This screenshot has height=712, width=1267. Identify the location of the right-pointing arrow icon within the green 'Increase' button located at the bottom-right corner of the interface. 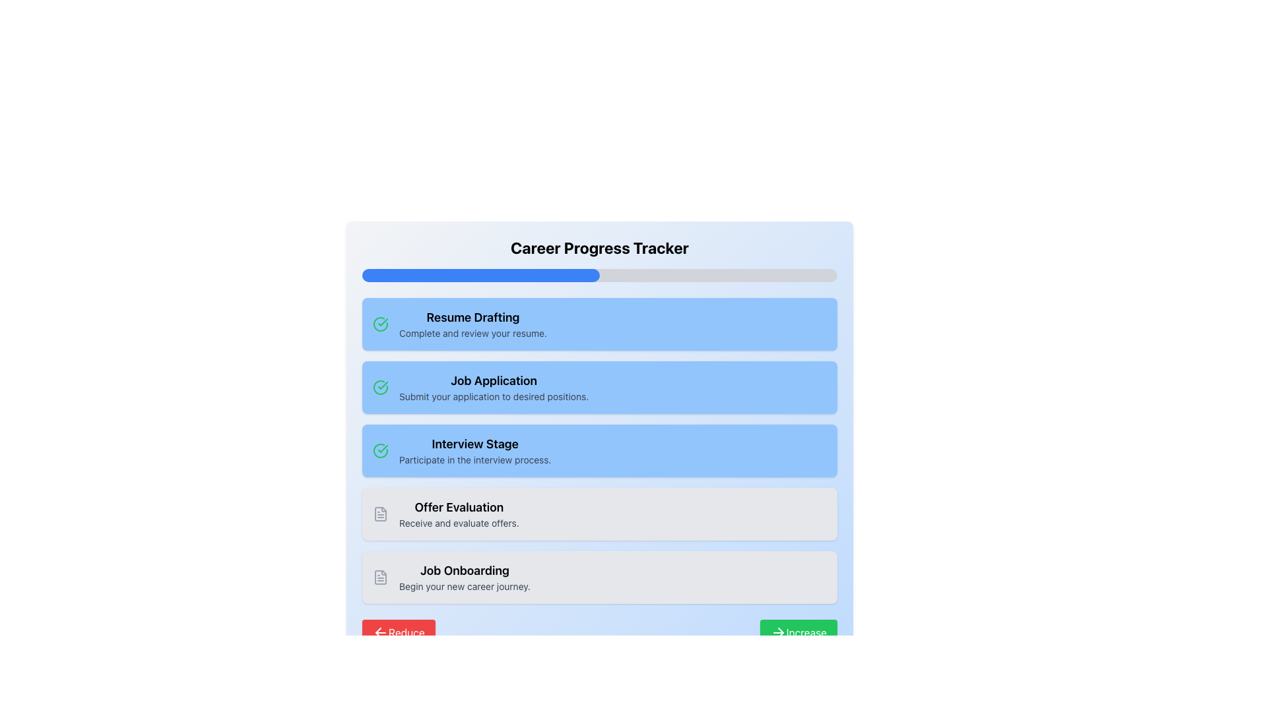
(778, 632).